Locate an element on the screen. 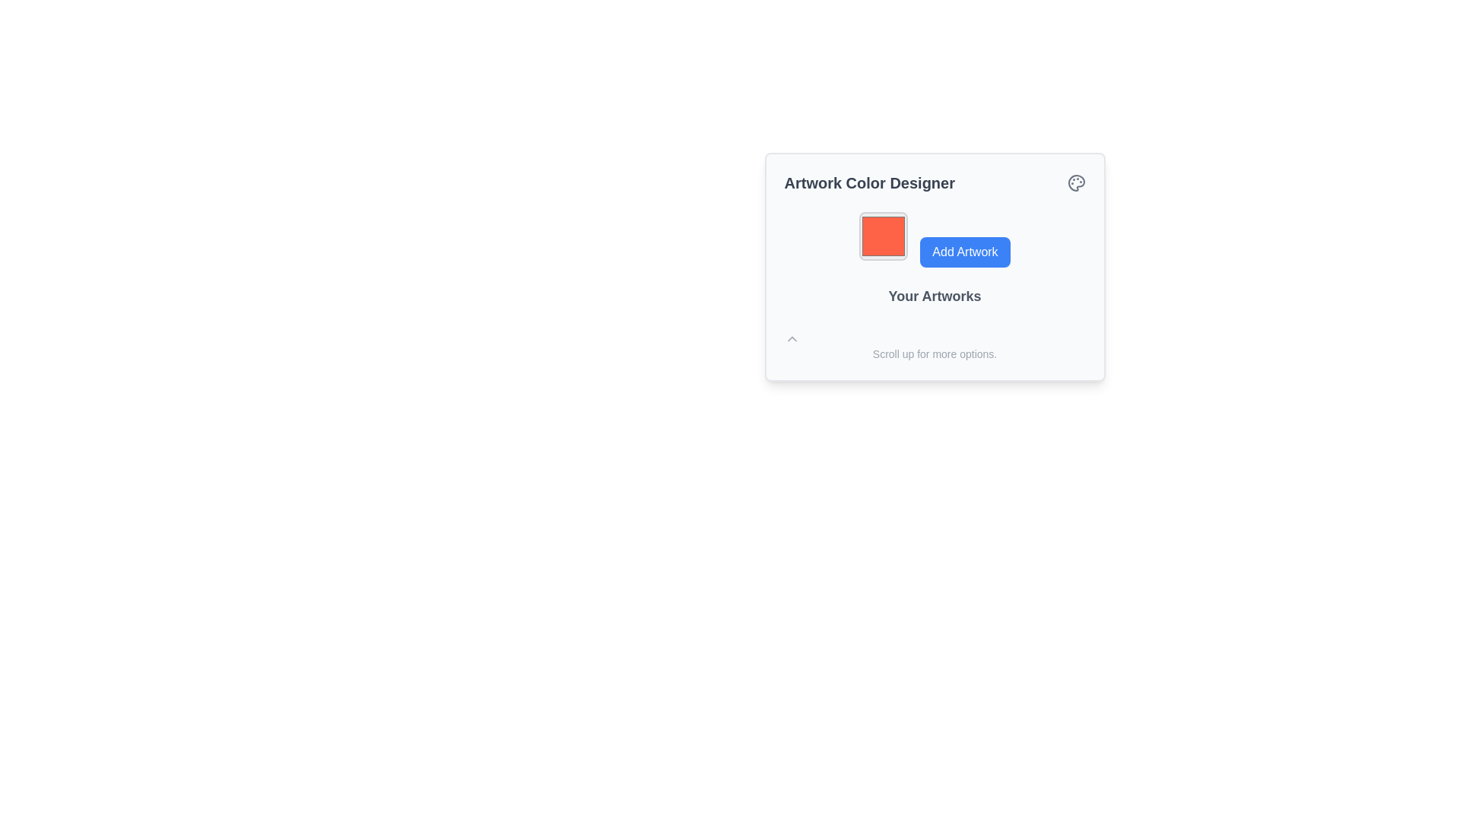  the instructional Static Text element that prompts the user to scroll upwards, located below the 'Your Artworks' heading is located at coordinates (934, 346).